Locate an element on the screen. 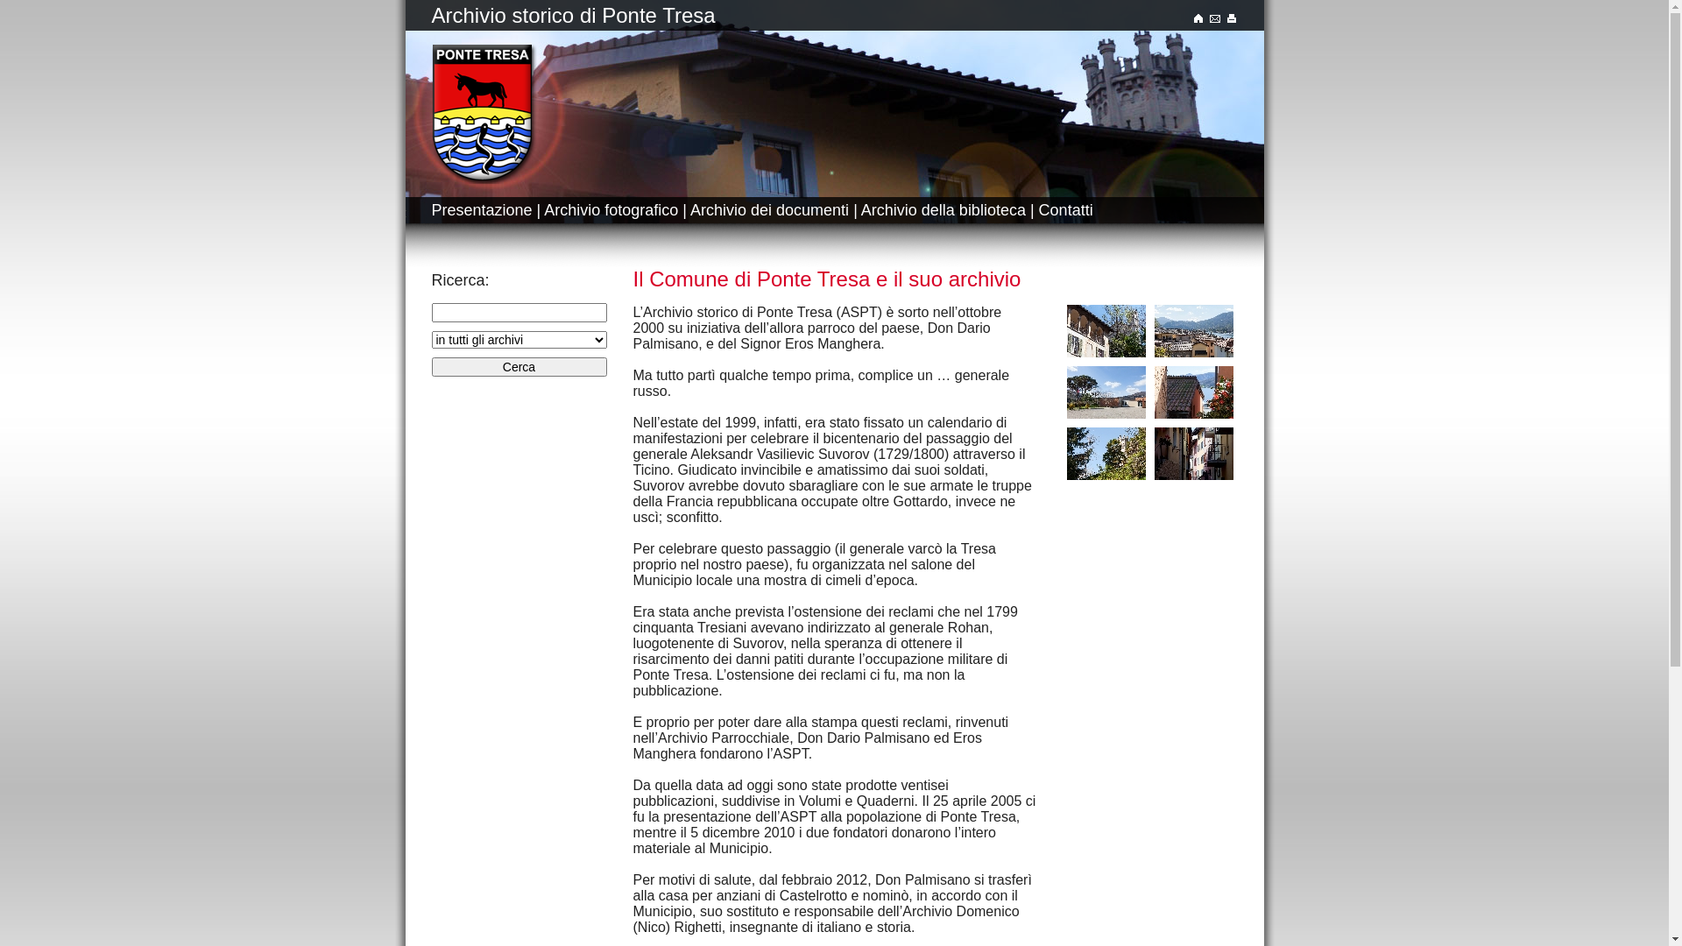 This screenshot has height=946, width=1682. 'Contatti' is located at coordinates (1065, 208).